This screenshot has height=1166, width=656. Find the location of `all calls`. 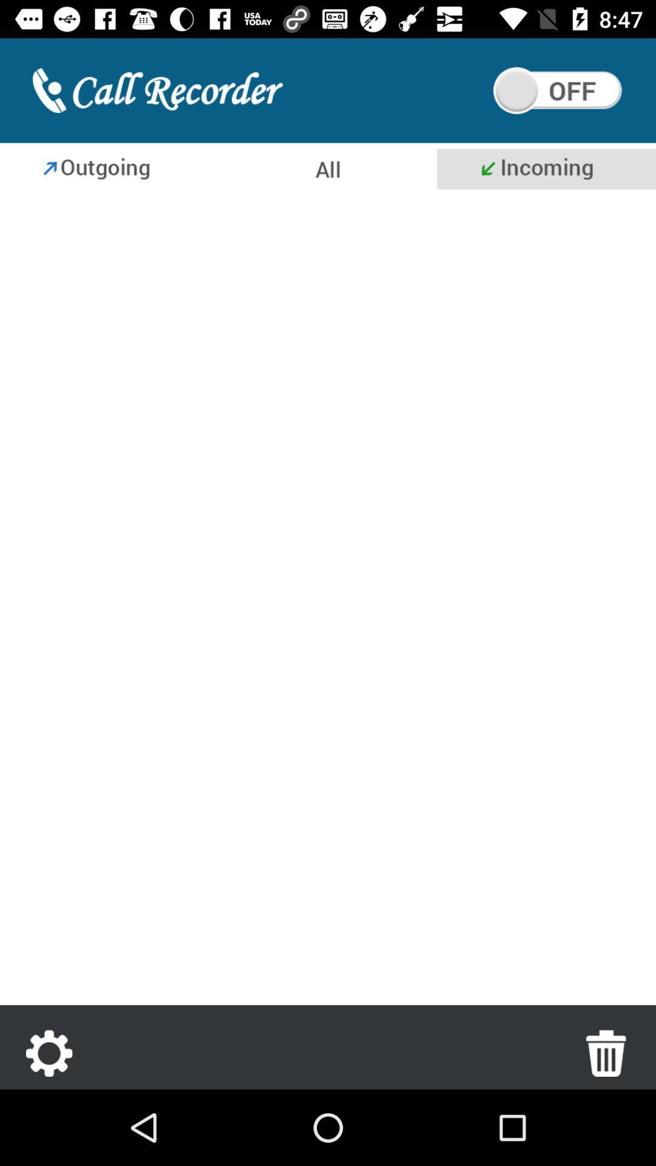

all calls is located at coordinates (326, 168).